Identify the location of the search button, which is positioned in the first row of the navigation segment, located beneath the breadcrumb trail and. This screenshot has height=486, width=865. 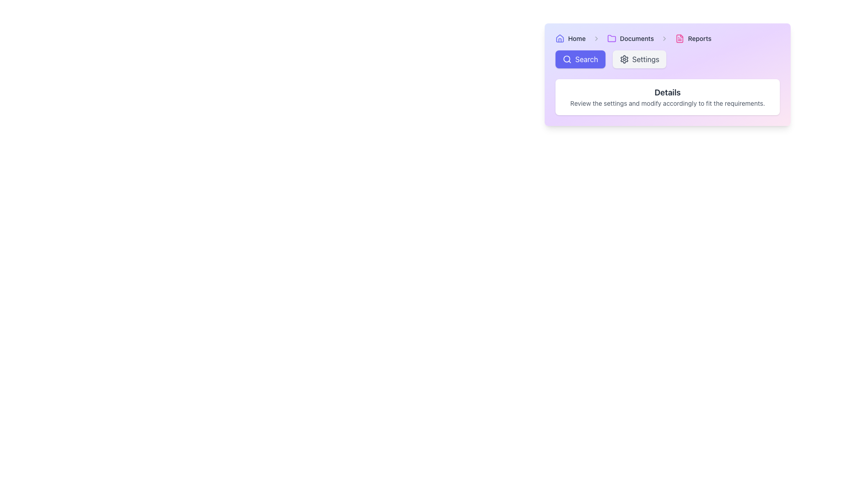
(668, 59).